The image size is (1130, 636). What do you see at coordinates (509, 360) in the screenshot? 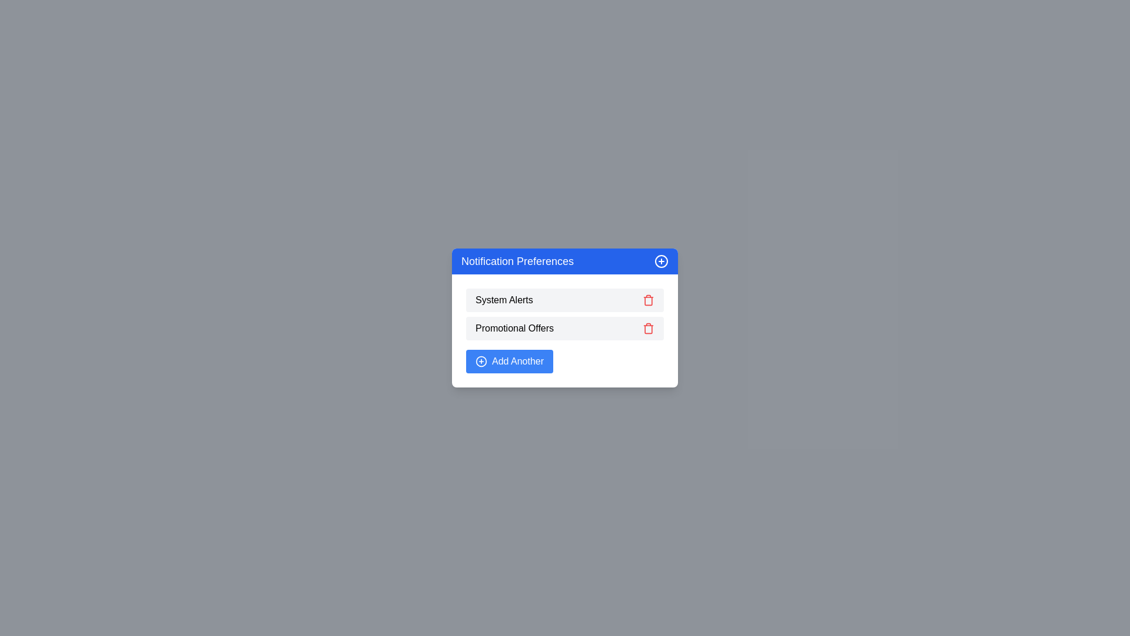
I see `the blue rectangular button labeled 'Add Another' with a white circular plus symbol` at bounding box center [509, 360].